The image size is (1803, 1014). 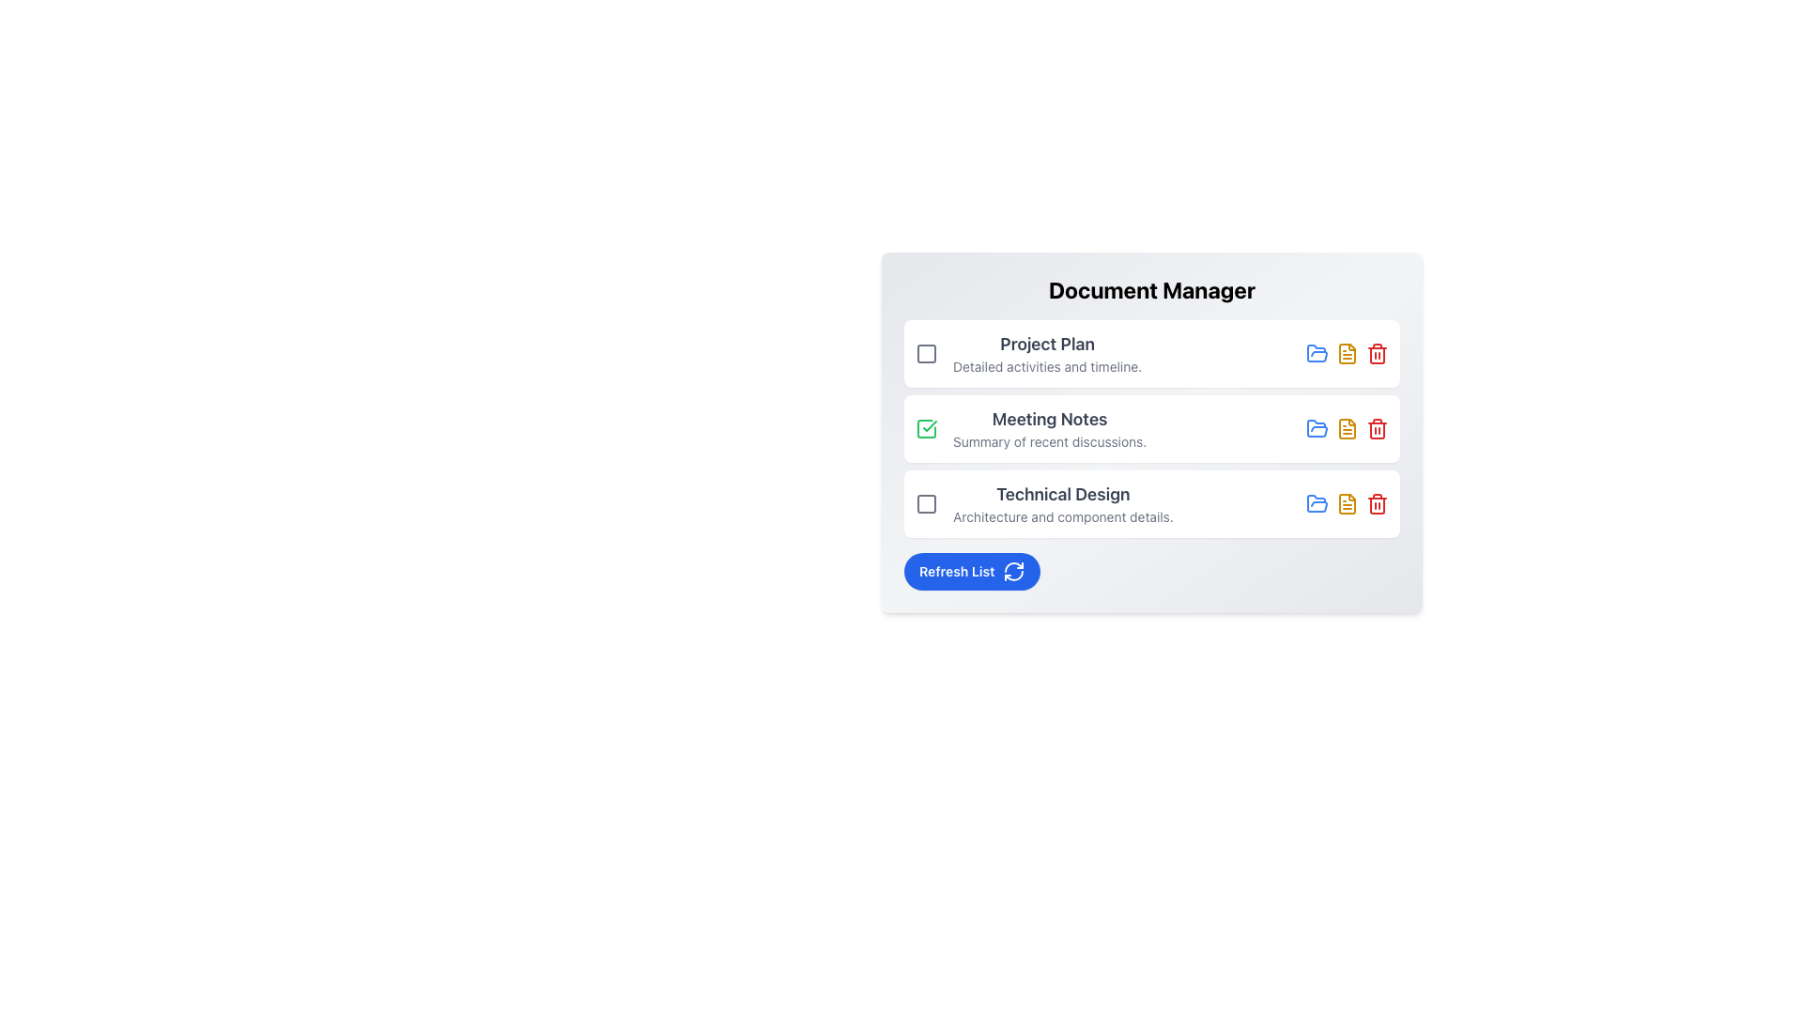 I want to click on the middle icon representing the 'Meeting Notes' document, so click(x=1347, y=428).